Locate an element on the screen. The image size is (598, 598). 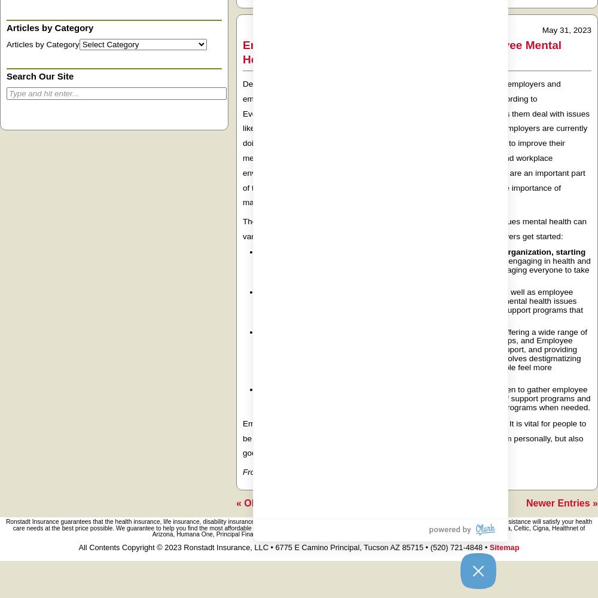
'The strategy and tactics for building and sustaining a work culture that values mental health can vary by organization. However, there are some basic steps to help employers get started:' is located at coordinates (414, 228).